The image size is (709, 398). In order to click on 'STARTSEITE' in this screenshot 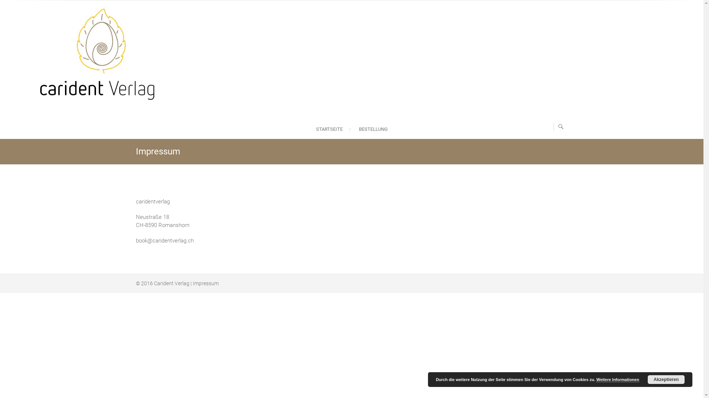, I will do `click(329, 129)`.